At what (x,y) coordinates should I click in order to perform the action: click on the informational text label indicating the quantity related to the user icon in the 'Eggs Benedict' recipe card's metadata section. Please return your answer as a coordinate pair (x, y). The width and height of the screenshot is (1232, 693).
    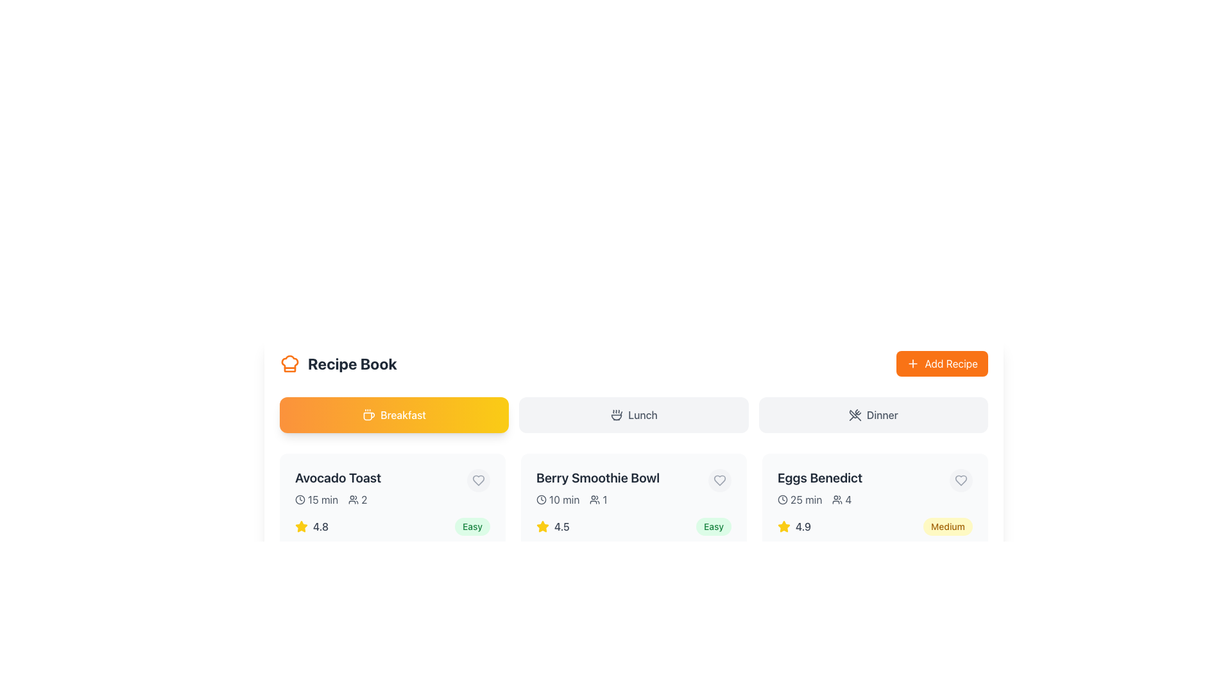
    Looking at the image, I should click on (848, 499).